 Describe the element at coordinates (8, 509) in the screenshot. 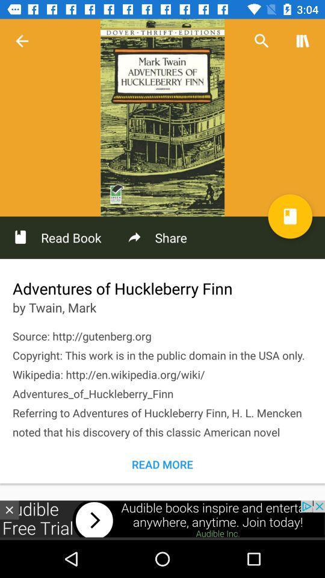

I see `the close icon` at that location.